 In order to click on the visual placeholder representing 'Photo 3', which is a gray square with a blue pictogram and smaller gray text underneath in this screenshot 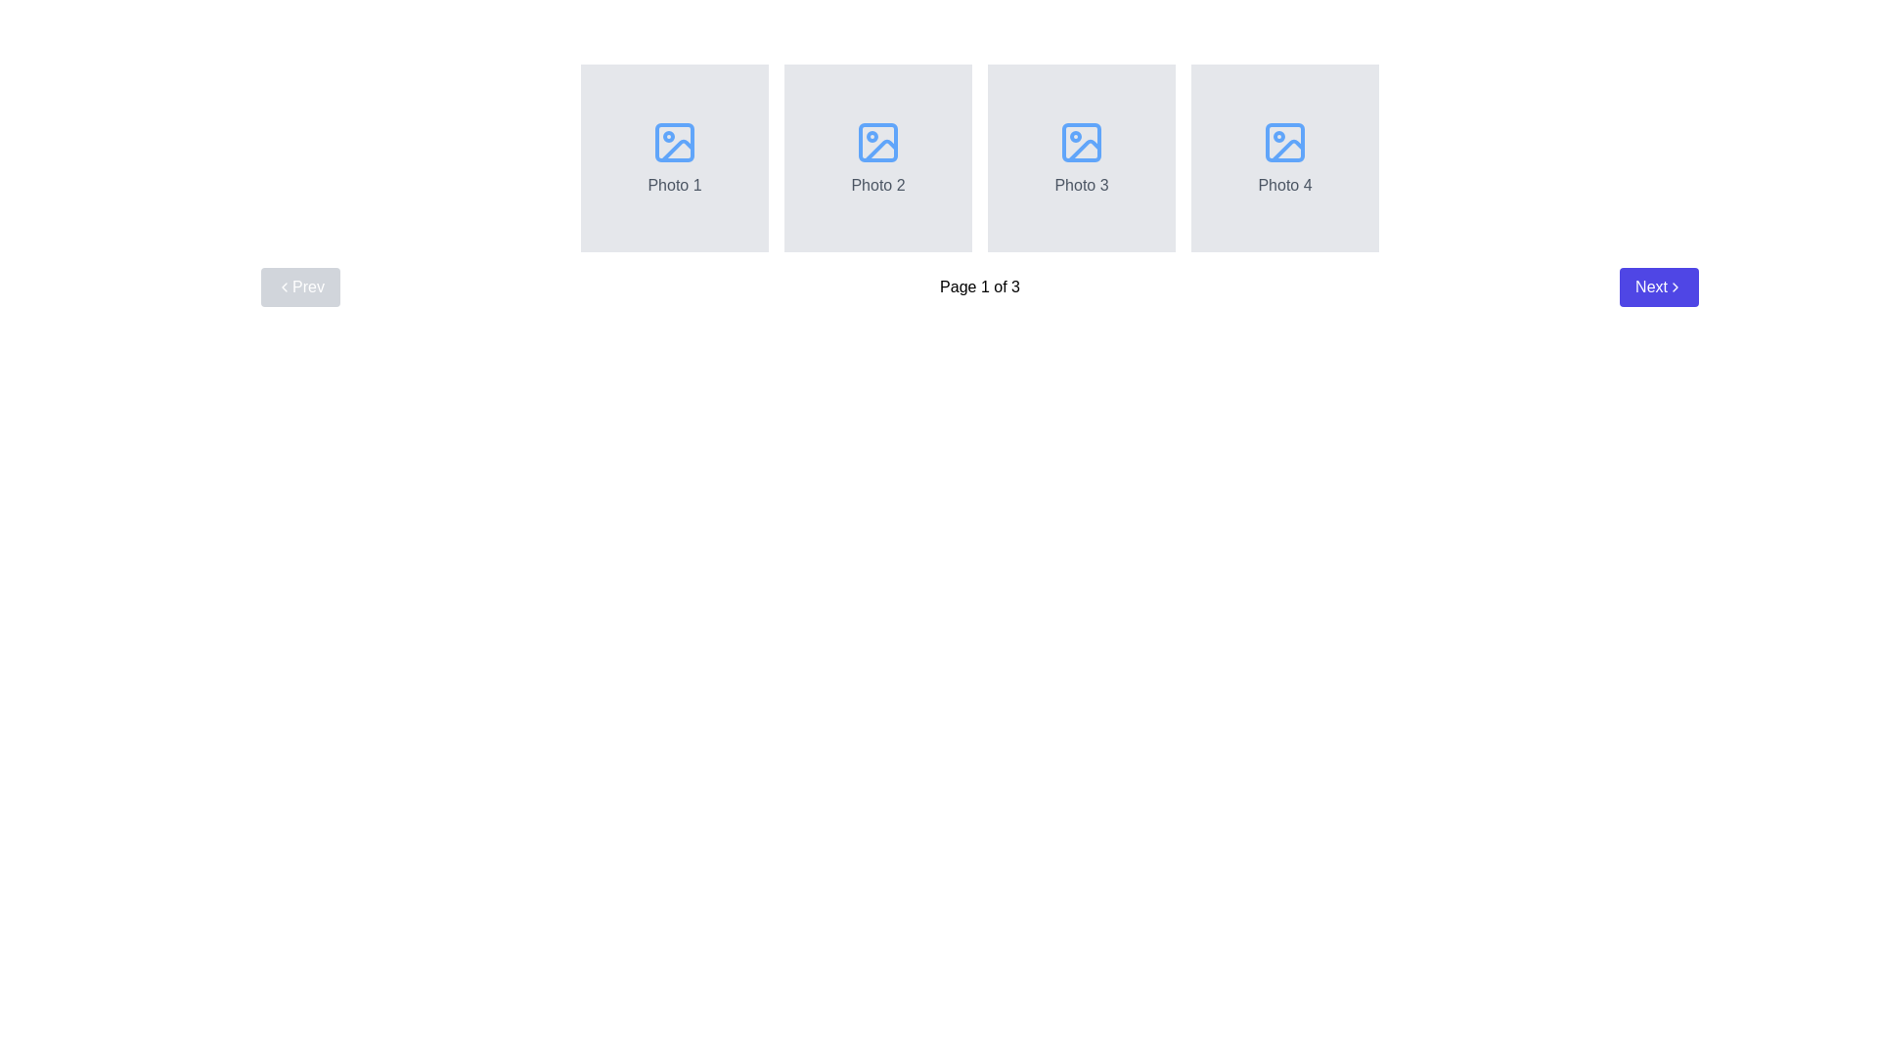, I will do `click(1080, 157)`.